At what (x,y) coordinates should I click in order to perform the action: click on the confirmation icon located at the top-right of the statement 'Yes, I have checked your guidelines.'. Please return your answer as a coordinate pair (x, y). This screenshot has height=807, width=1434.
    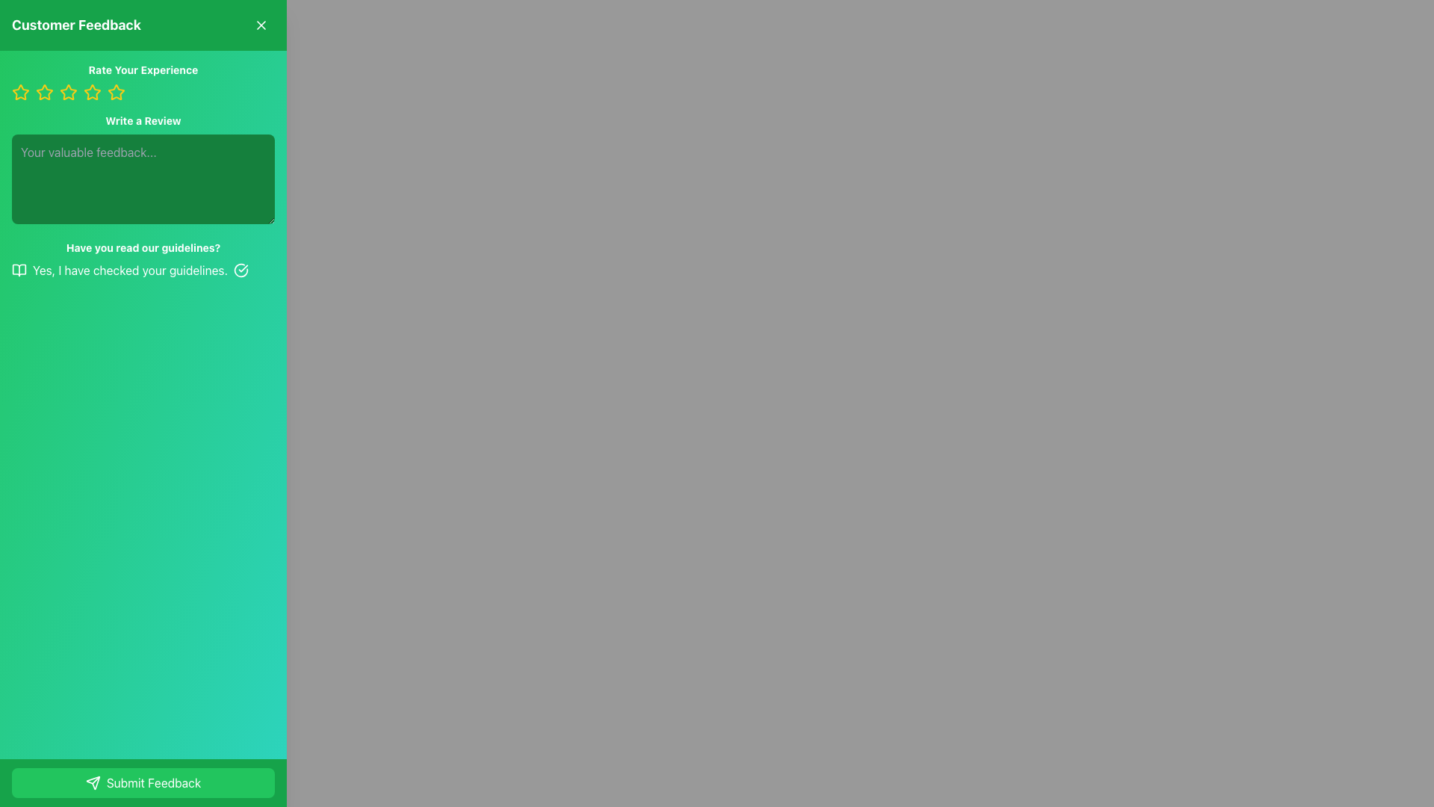
    Looking at the image, I should click on (240, 270).